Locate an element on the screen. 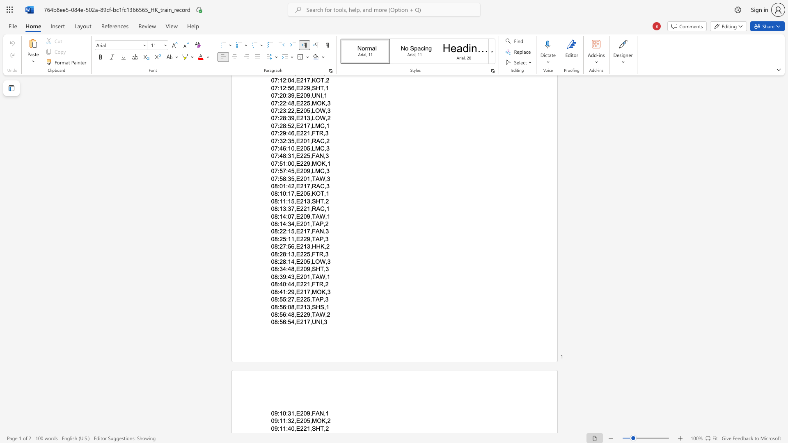  the space between the continuous character "E" and "2" in the text is located at coordinates (299, 322).